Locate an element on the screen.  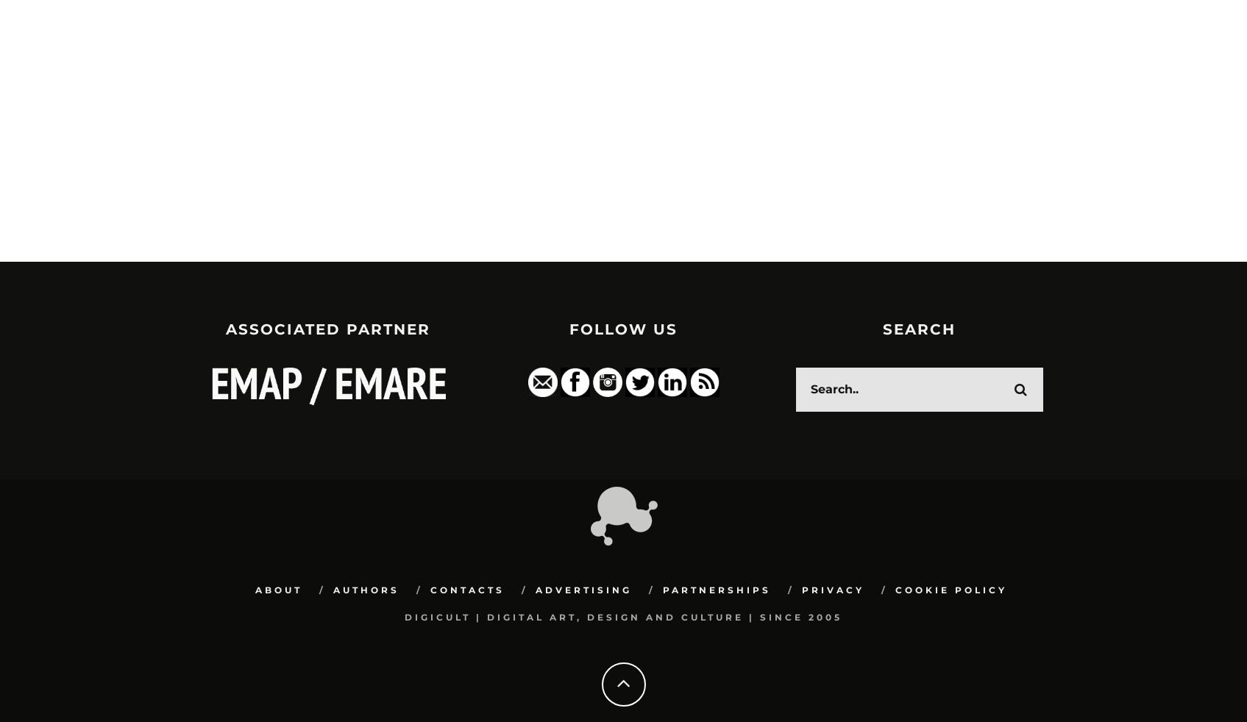
'SEARCH' is located at coordinates (918, 329).